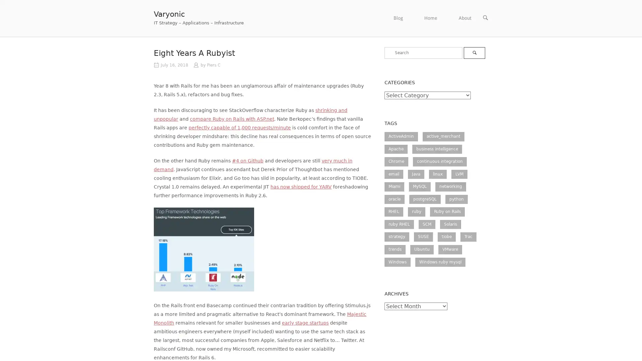 The height and width of the screenshot is (361, 642). Describe the element at coordinates (485, 17) in the screenshot. I see `OPEN SEARCH BAR` at that location.